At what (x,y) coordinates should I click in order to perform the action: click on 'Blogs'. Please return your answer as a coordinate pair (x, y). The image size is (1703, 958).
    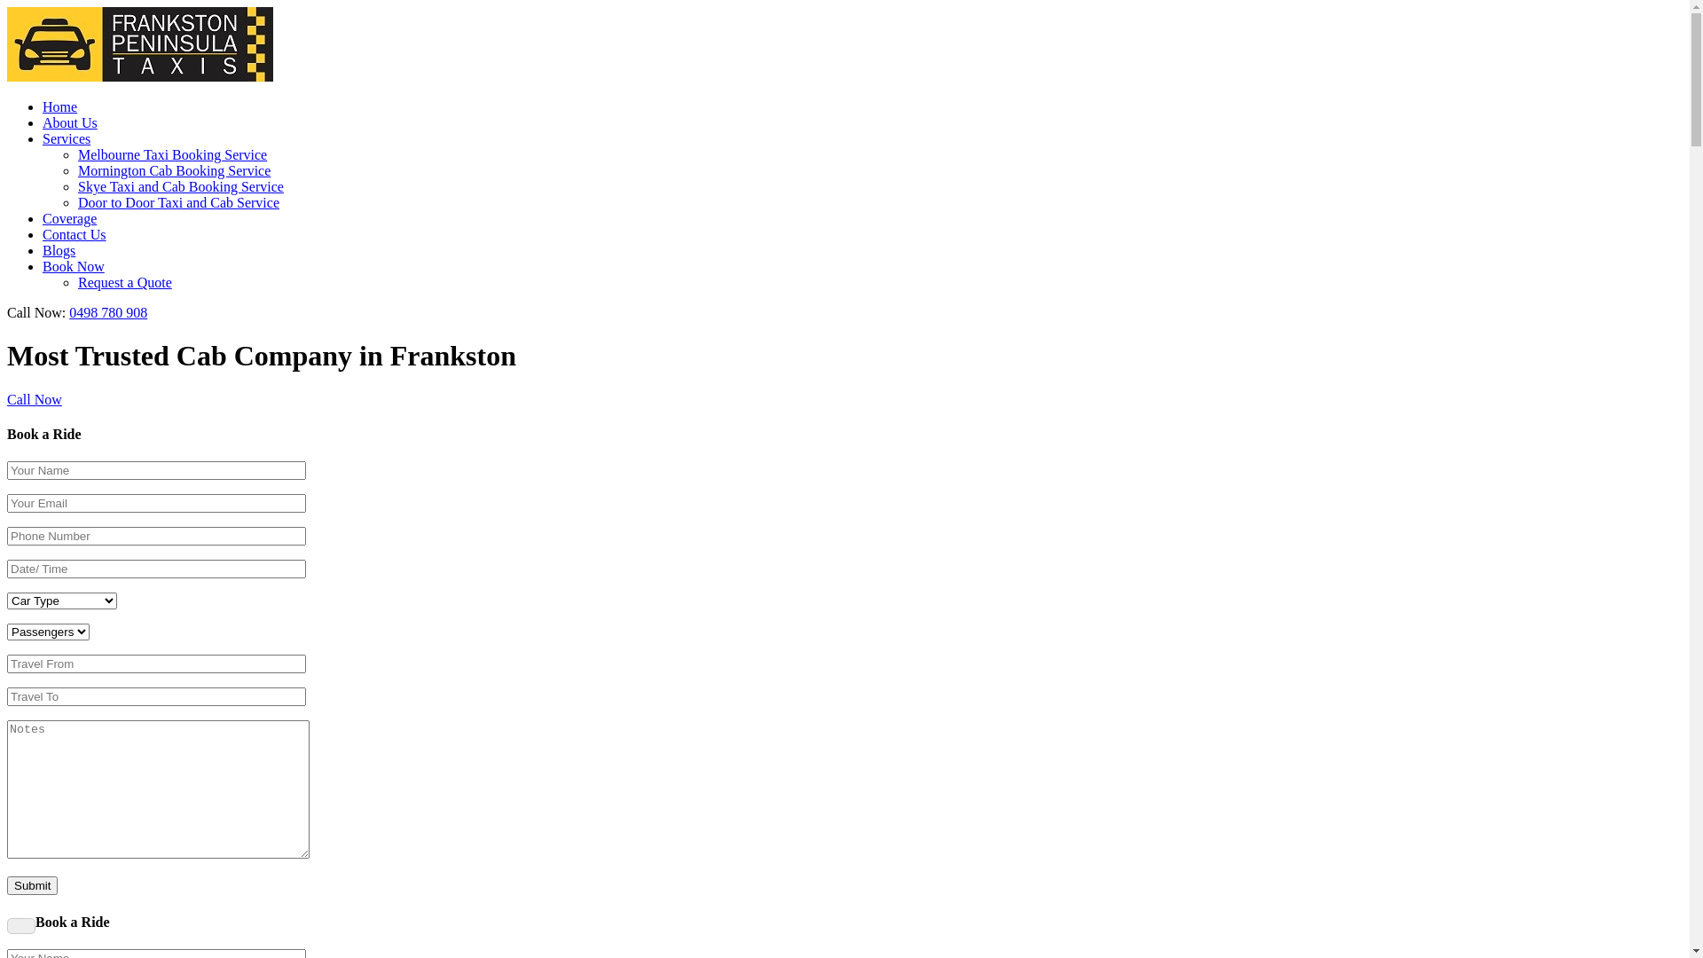
    Looking at the image, I should click on (59, 250).